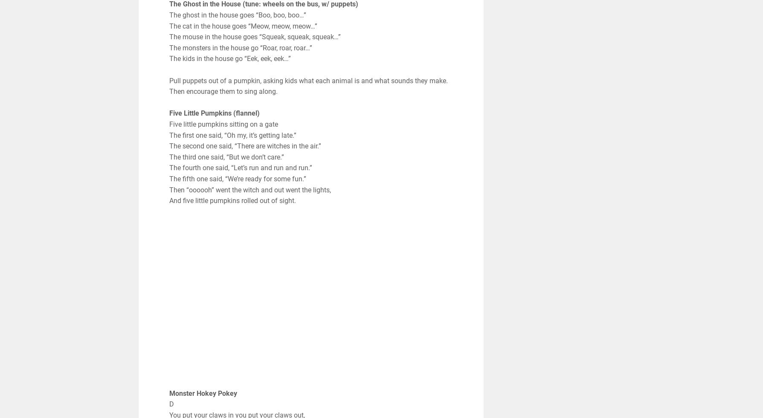 Image resolution: width=763 pixels, height=418 pixels. Describe the element at coordinates (168, 168) in the screenshot. I see `'The fourth one said, “Let’s run and run and run.”'` at that location.